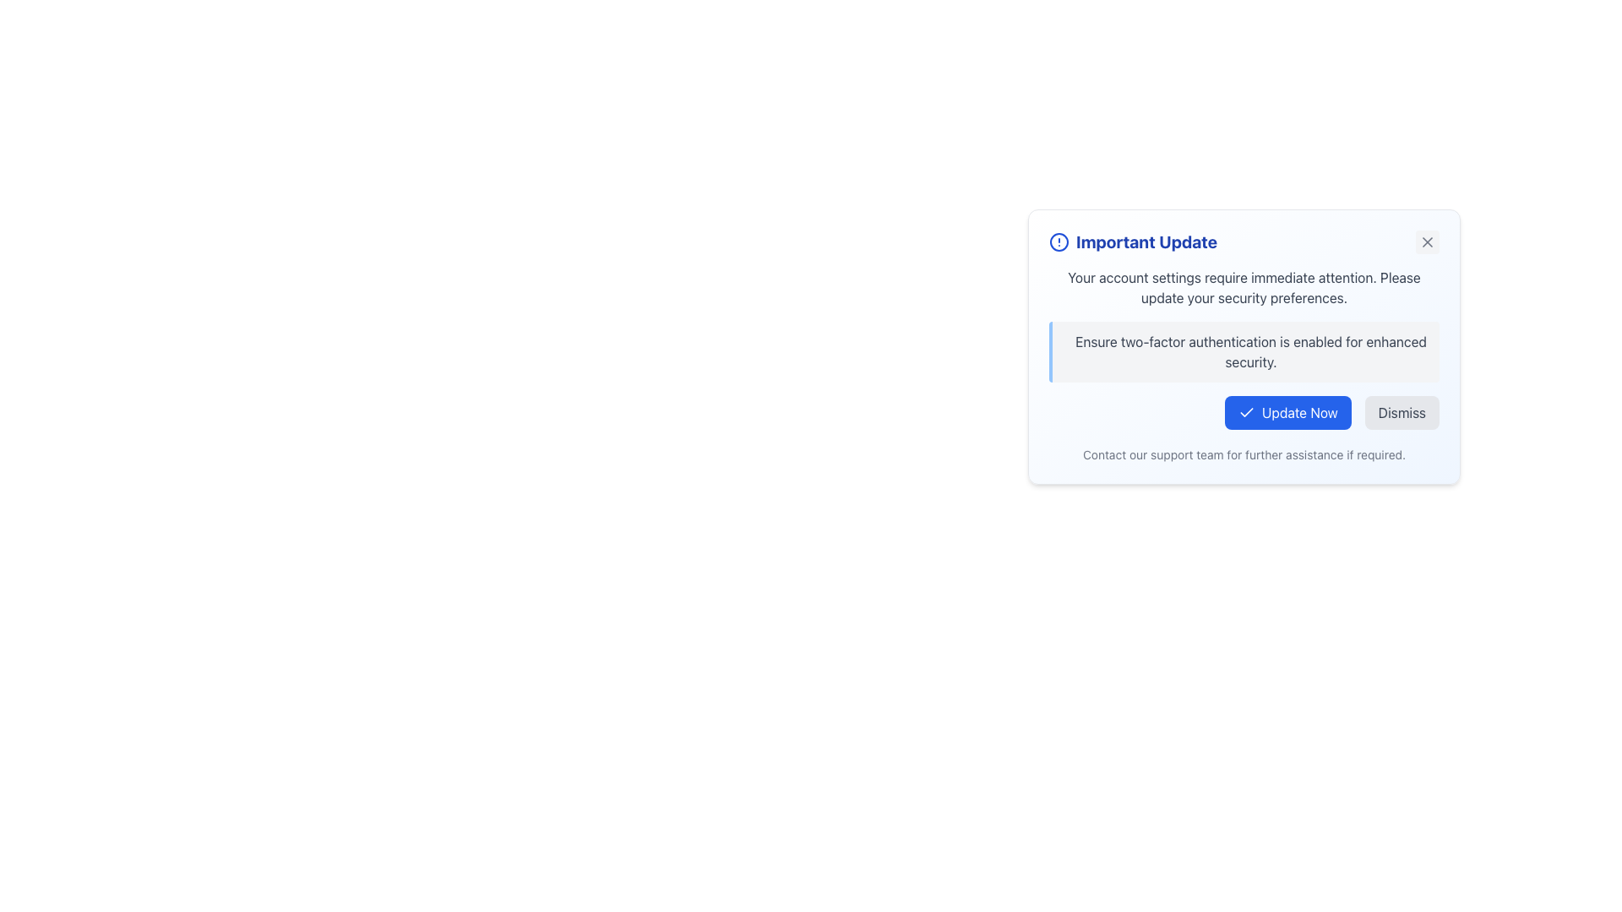 The width and height of the screenshot is (1622, 912). Describe the element at coordinates (1244, 350) in the screenshot. I see `the informational text box prompting users about enabling two-factor authentication, which is located below the title 'Important Update' and above the action buttons 'Update Now' and 'Dismiss'` at that location.